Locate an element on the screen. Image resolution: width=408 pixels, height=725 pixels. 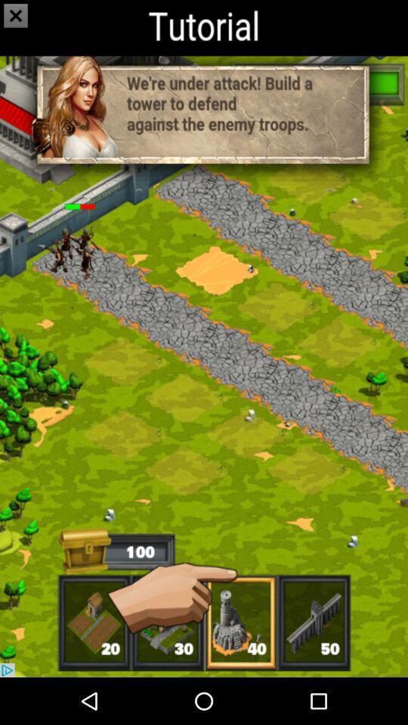
the close icon is located at coordinates (15, 16).